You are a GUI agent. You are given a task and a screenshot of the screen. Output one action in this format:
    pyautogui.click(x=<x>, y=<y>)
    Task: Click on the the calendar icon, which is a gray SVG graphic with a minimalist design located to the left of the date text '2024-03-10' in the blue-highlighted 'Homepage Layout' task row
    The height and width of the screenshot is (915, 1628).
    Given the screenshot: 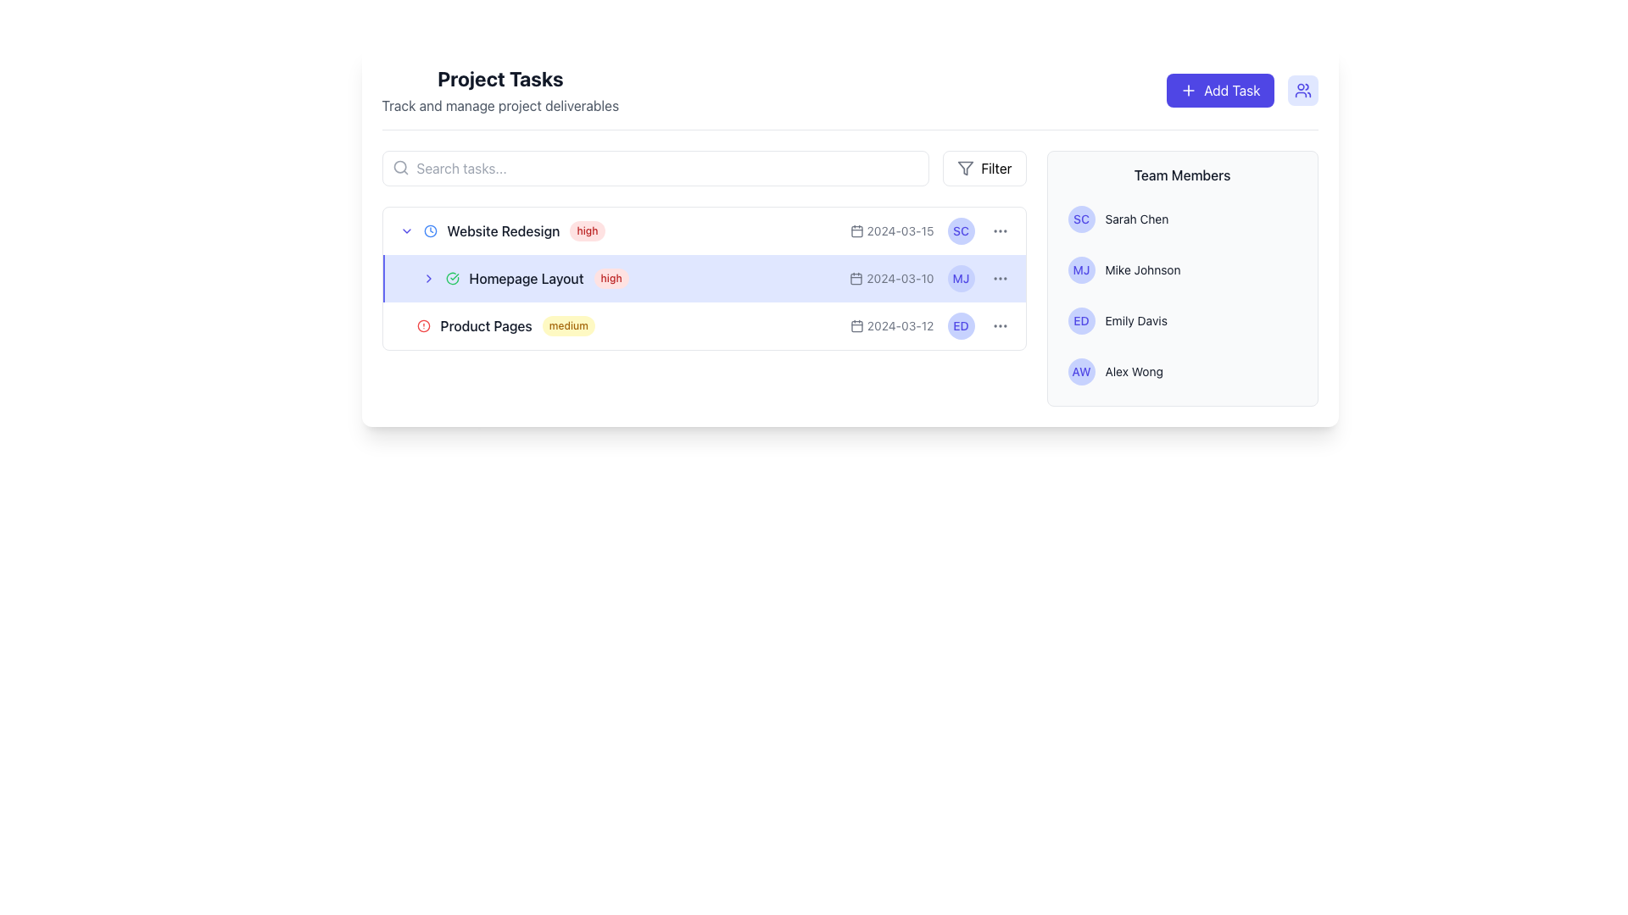 What is the action you would take?
    pyautogui.click(x=856, y=277)
    